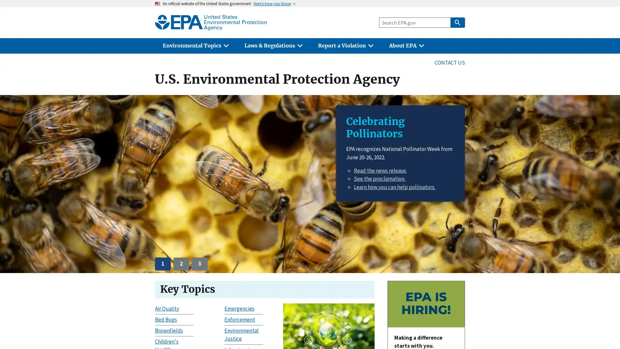  I want to click on Carousel Page 2 (Current Slide), so click(181, 264).